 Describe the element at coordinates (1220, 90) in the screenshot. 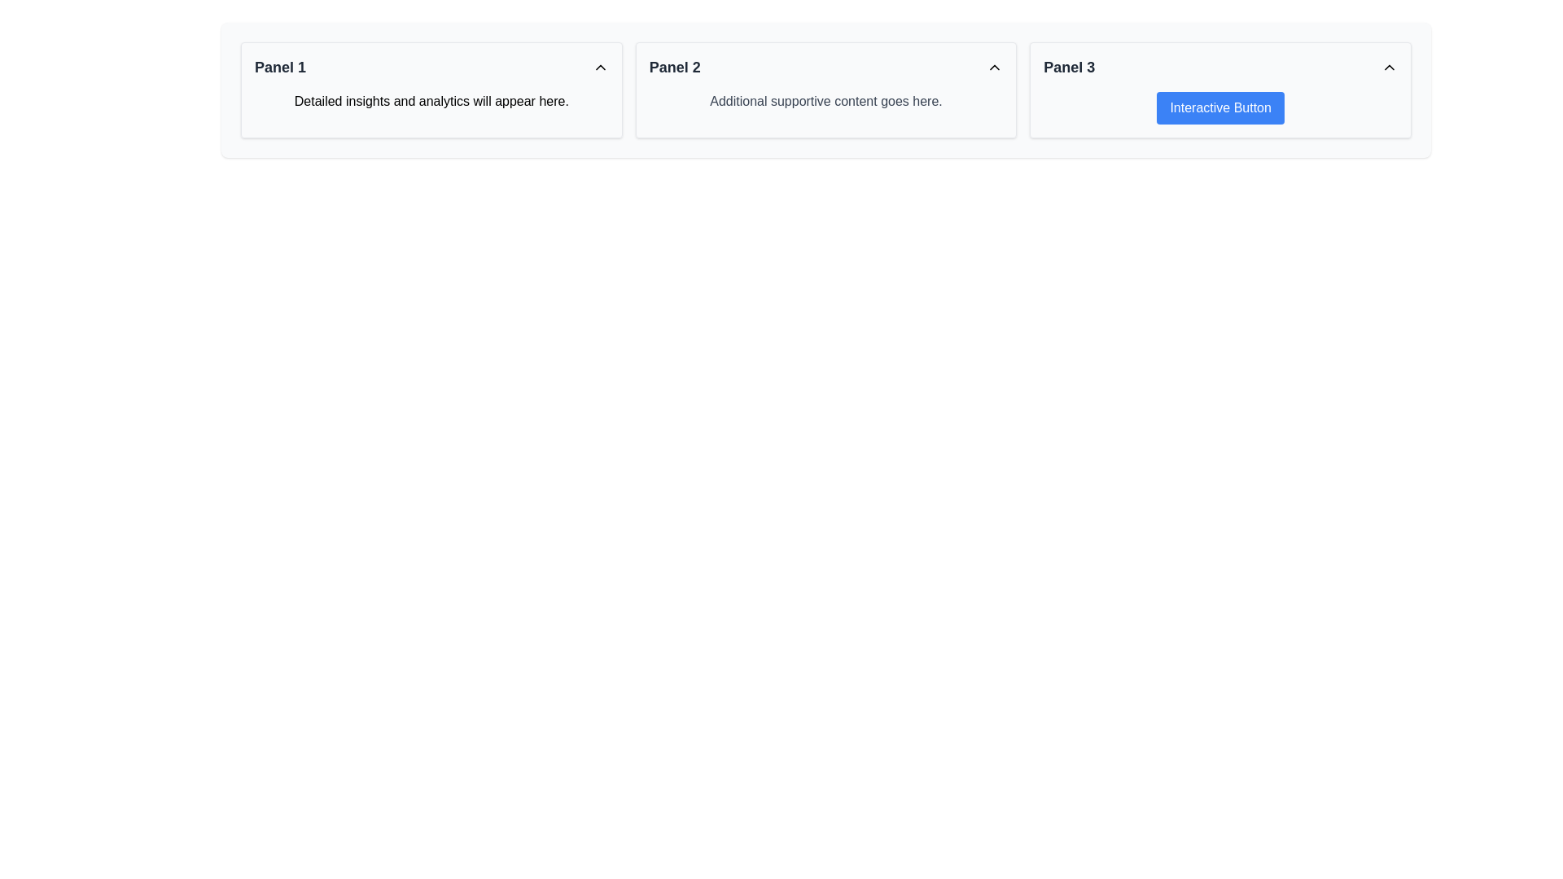

I see `the 'Interactive Button' located within the 'Panel 3' to activate its hover effect` at that location.